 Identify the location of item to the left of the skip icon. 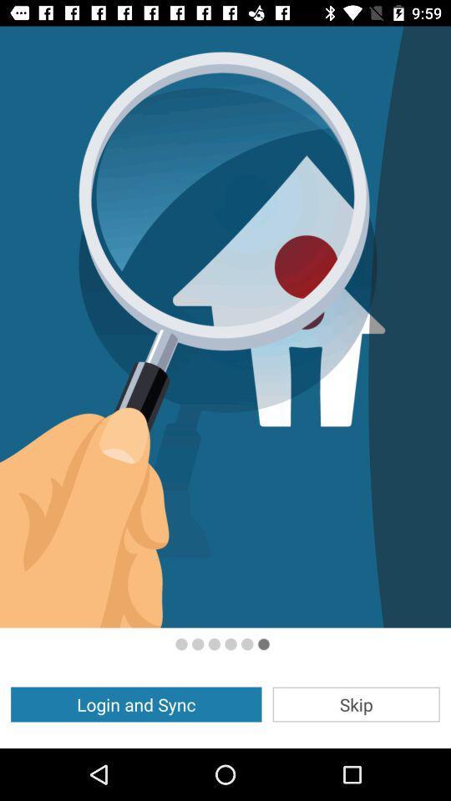
(135, 703).